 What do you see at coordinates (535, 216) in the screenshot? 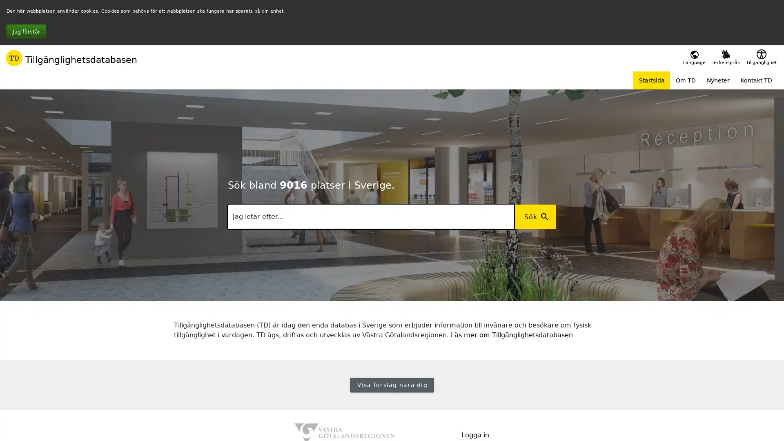
I see `Sok` at bounding box center [535, 216].